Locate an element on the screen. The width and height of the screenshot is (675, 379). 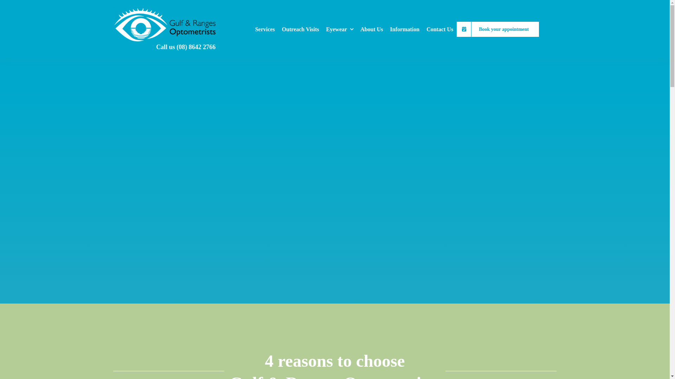
'(08) 8642 2766' is located at coordinates (176, 47).